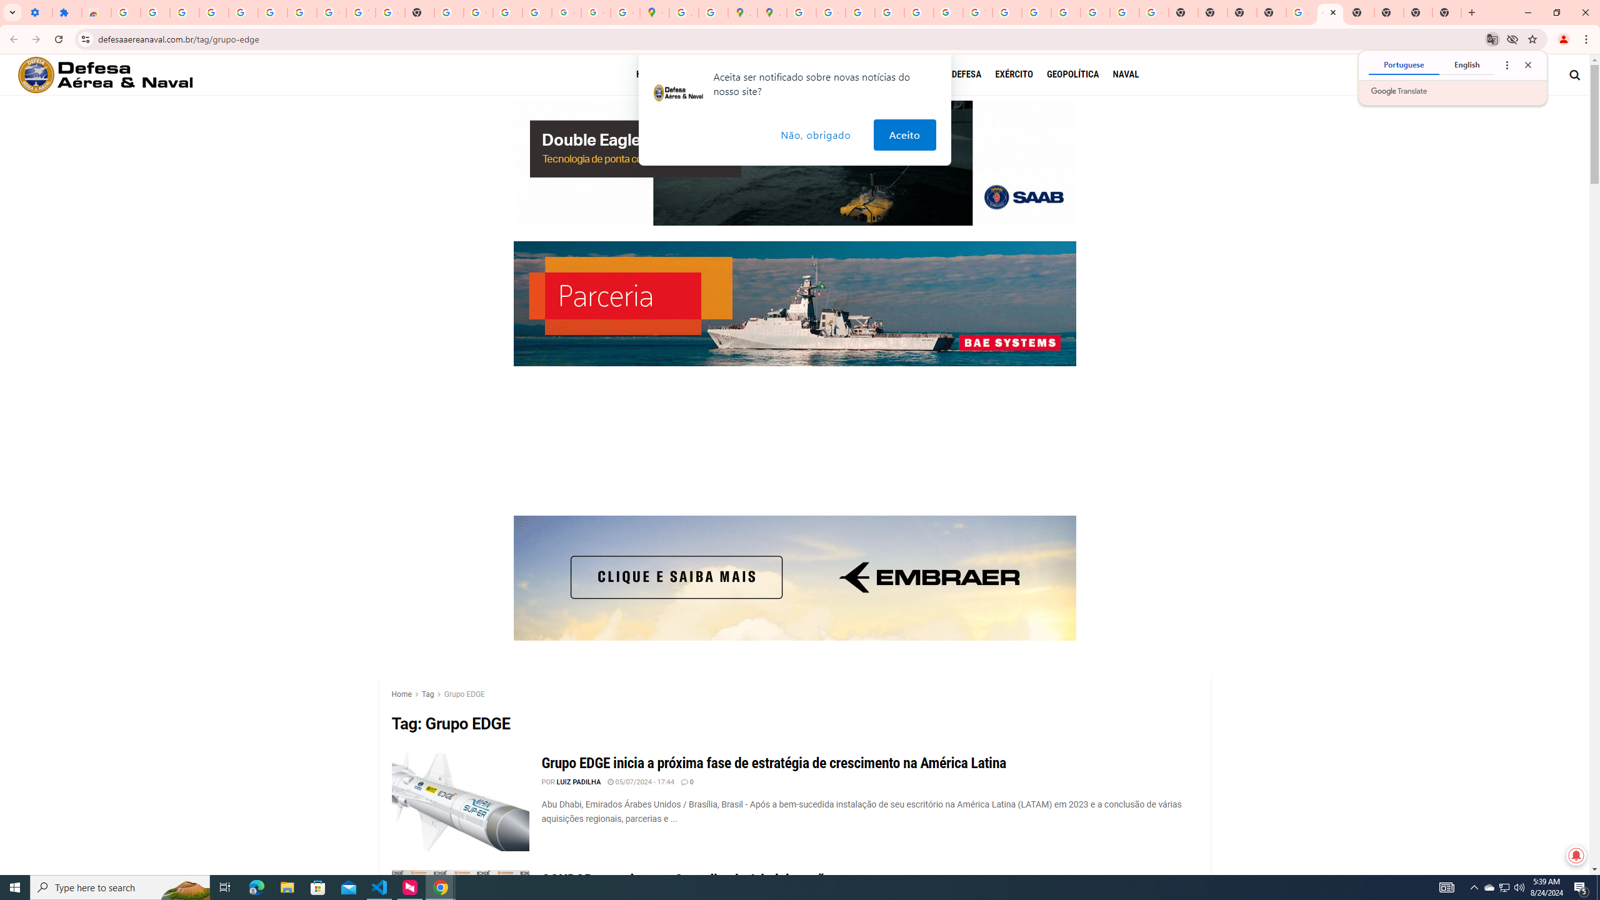 The width and height of the screenshot is (1600, 900). What do you see at coordinates (1080, 74) in the screenshot?
I see `'AutomationID: menu-item-105101'` at bounding box center [1080, 74].